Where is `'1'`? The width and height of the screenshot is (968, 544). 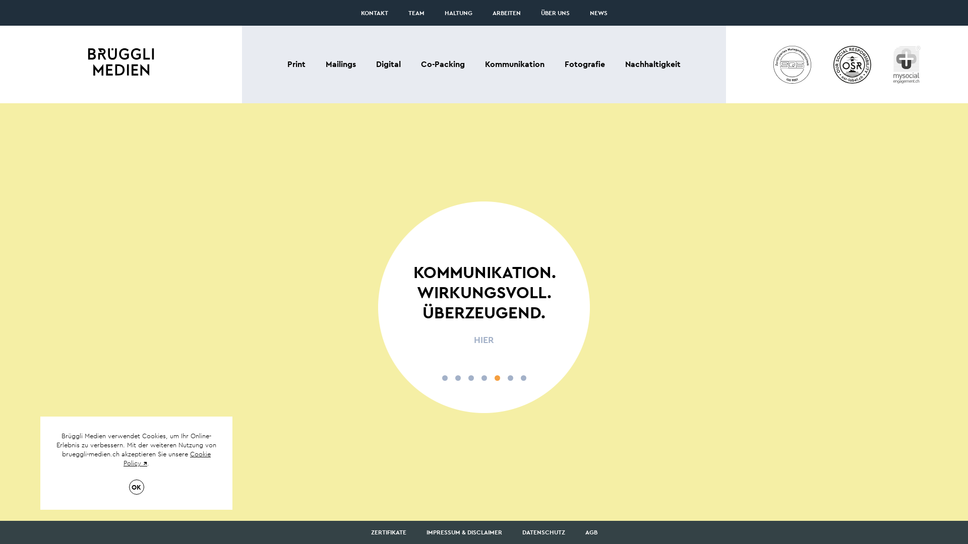 '1' is located at coordinates (444, 378).